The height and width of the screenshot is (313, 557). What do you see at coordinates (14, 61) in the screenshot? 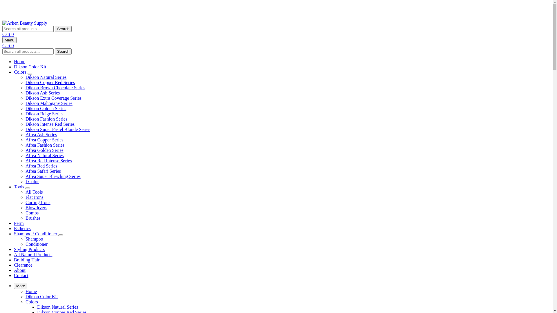
I see `'Home'` at bounding box center [14, 61].